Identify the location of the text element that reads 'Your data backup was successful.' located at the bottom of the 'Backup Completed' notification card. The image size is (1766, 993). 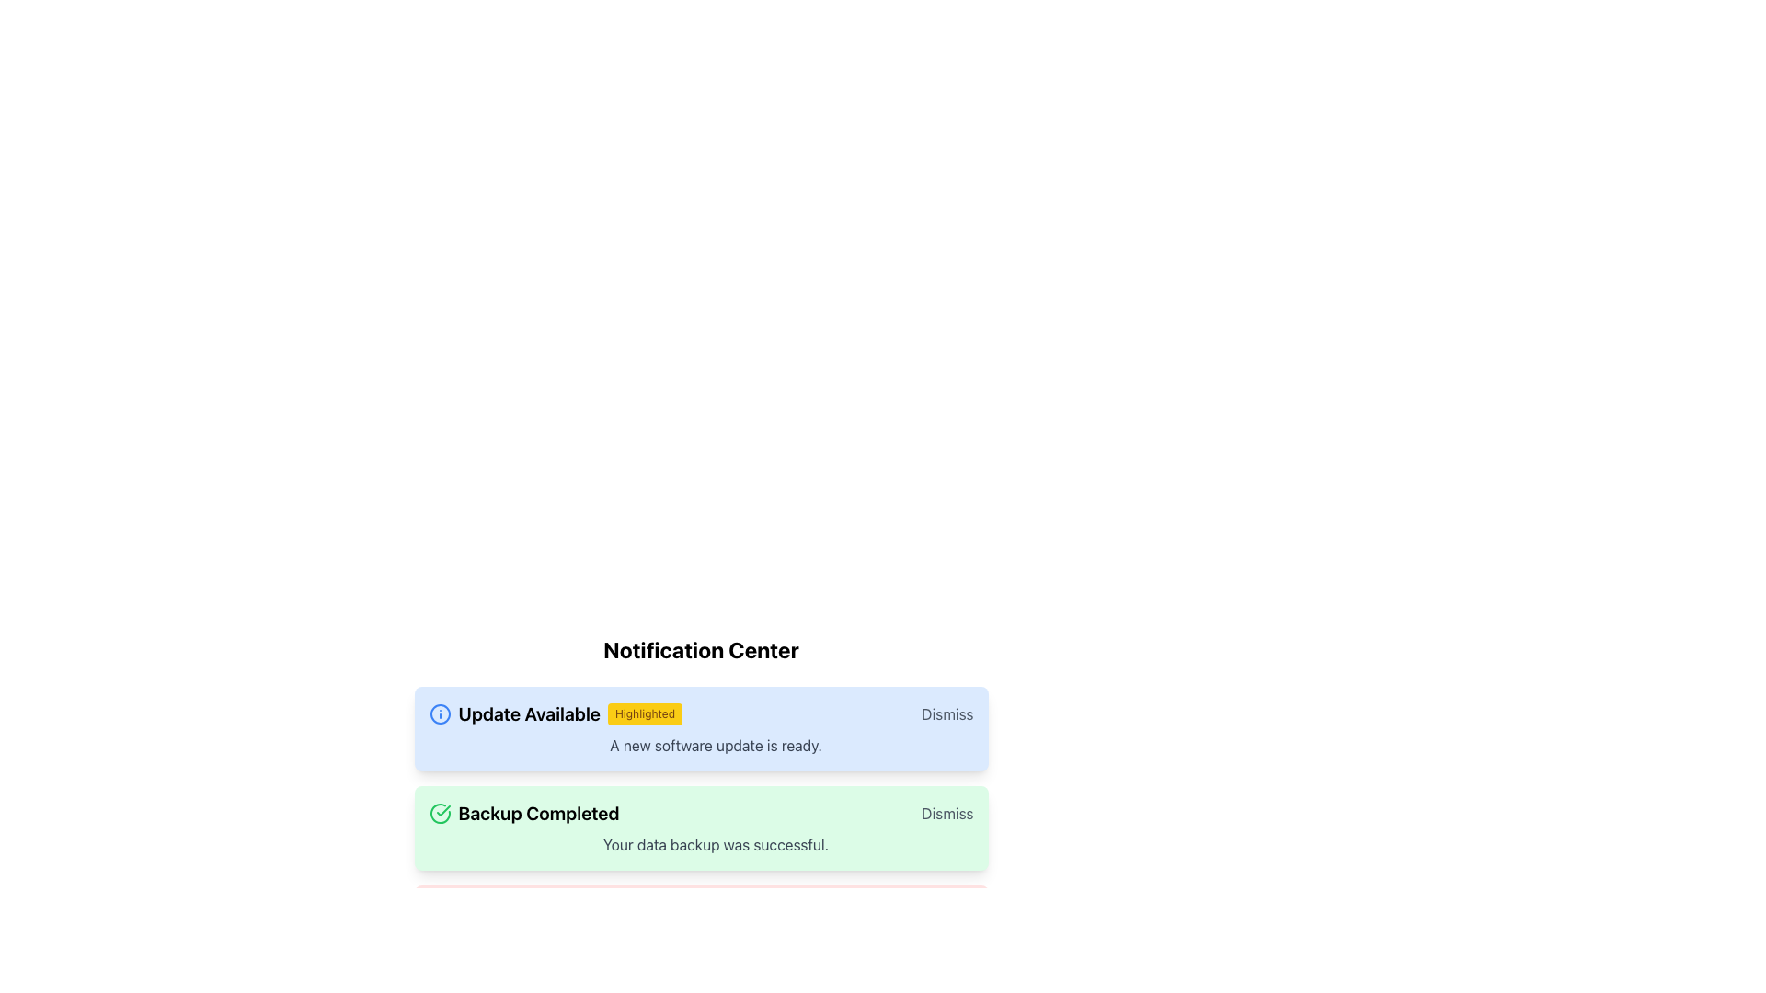
(715, 844).